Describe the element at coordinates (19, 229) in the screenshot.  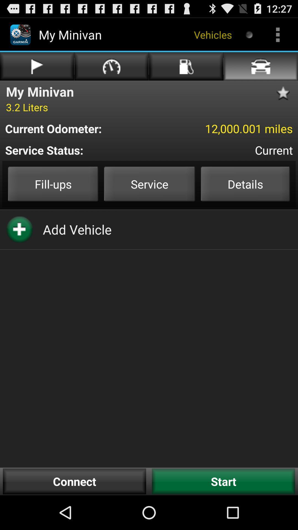
I see `plus icon` at that location.